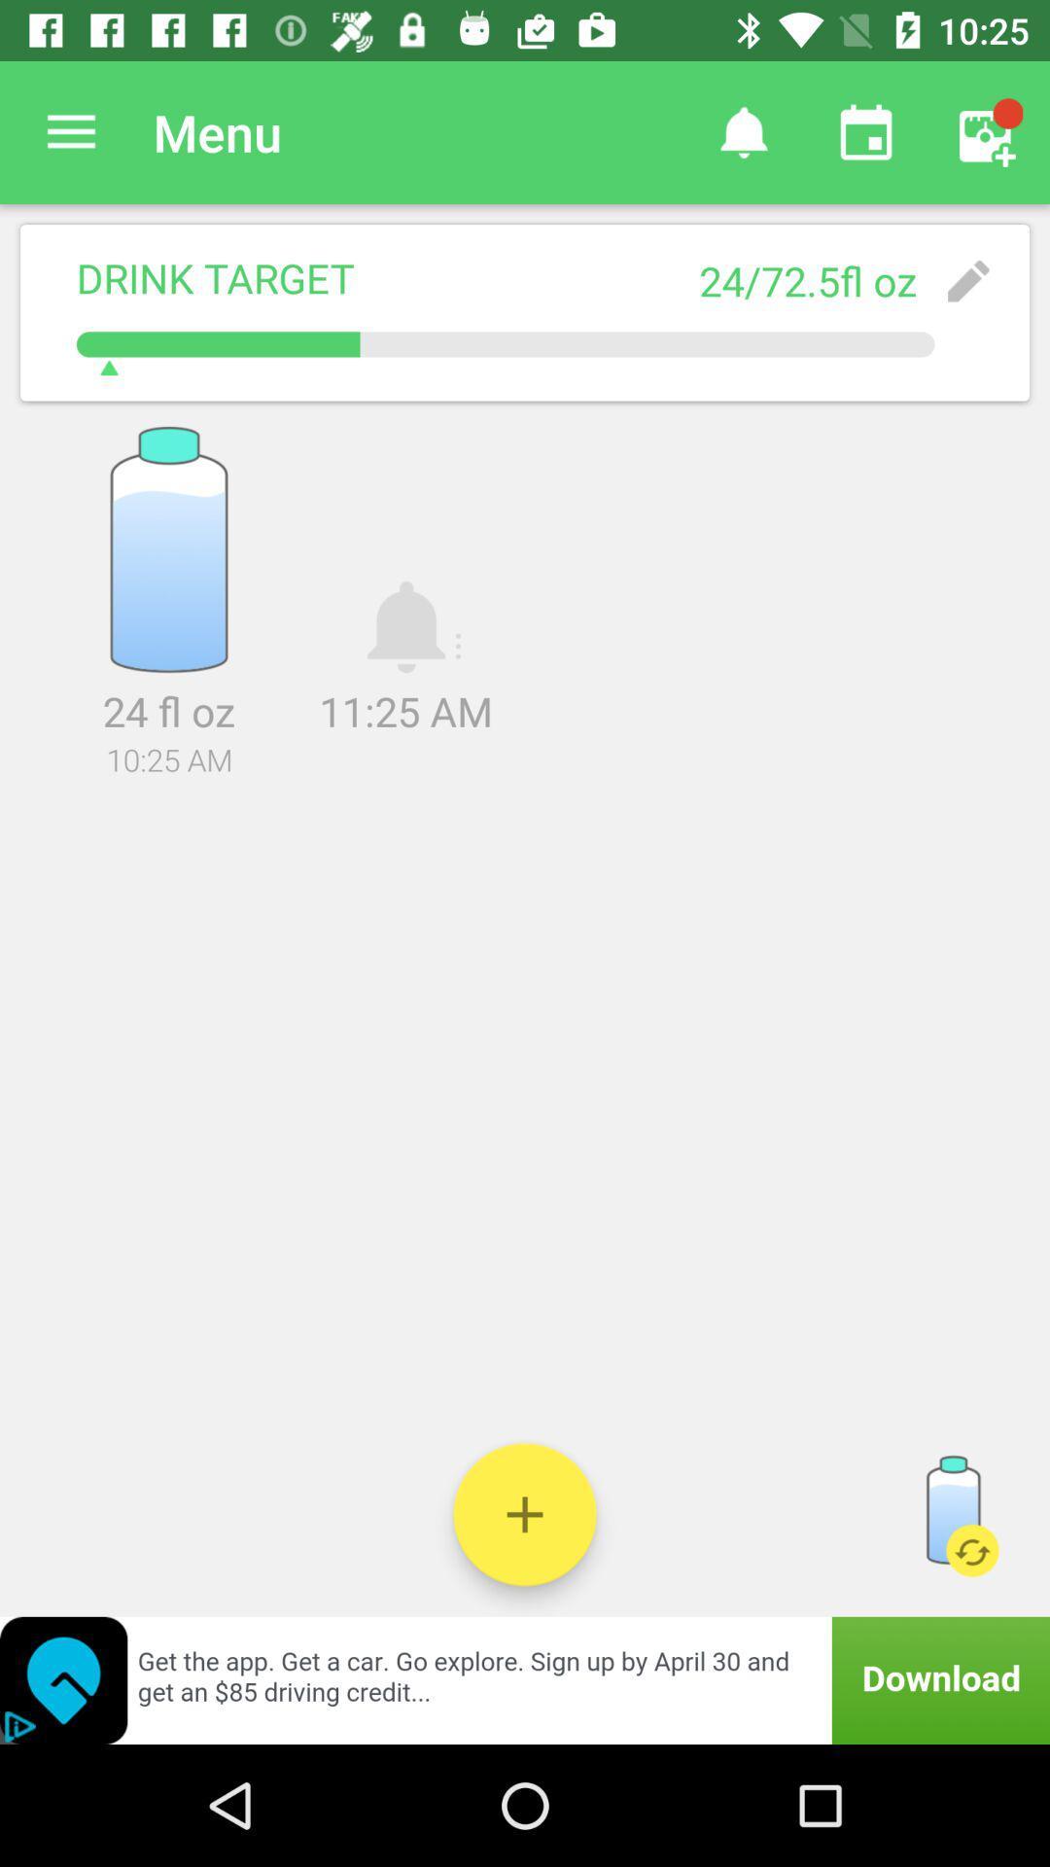 This screenshot has height=1867, width=1050. What do you see at coordinates (989, 131) in the screenshot?
I see `icon above 24 72 5fl item` at bounding box center [989, 131].